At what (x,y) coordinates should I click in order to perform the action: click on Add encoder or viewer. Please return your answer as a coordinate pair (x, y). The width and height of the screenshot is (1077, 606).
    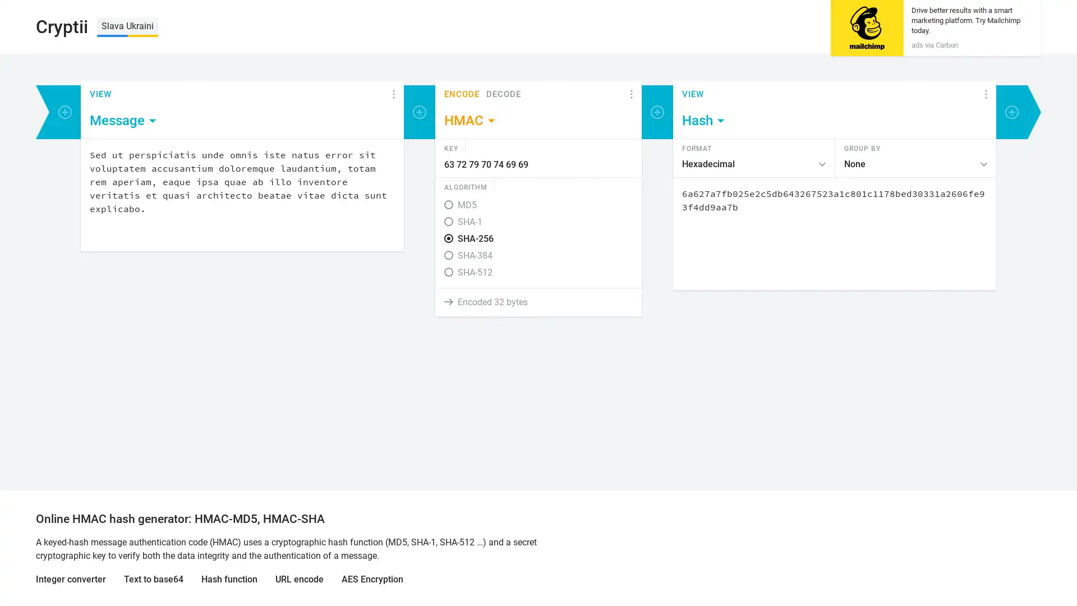
    Looking at the image, I should click on (657, 112).